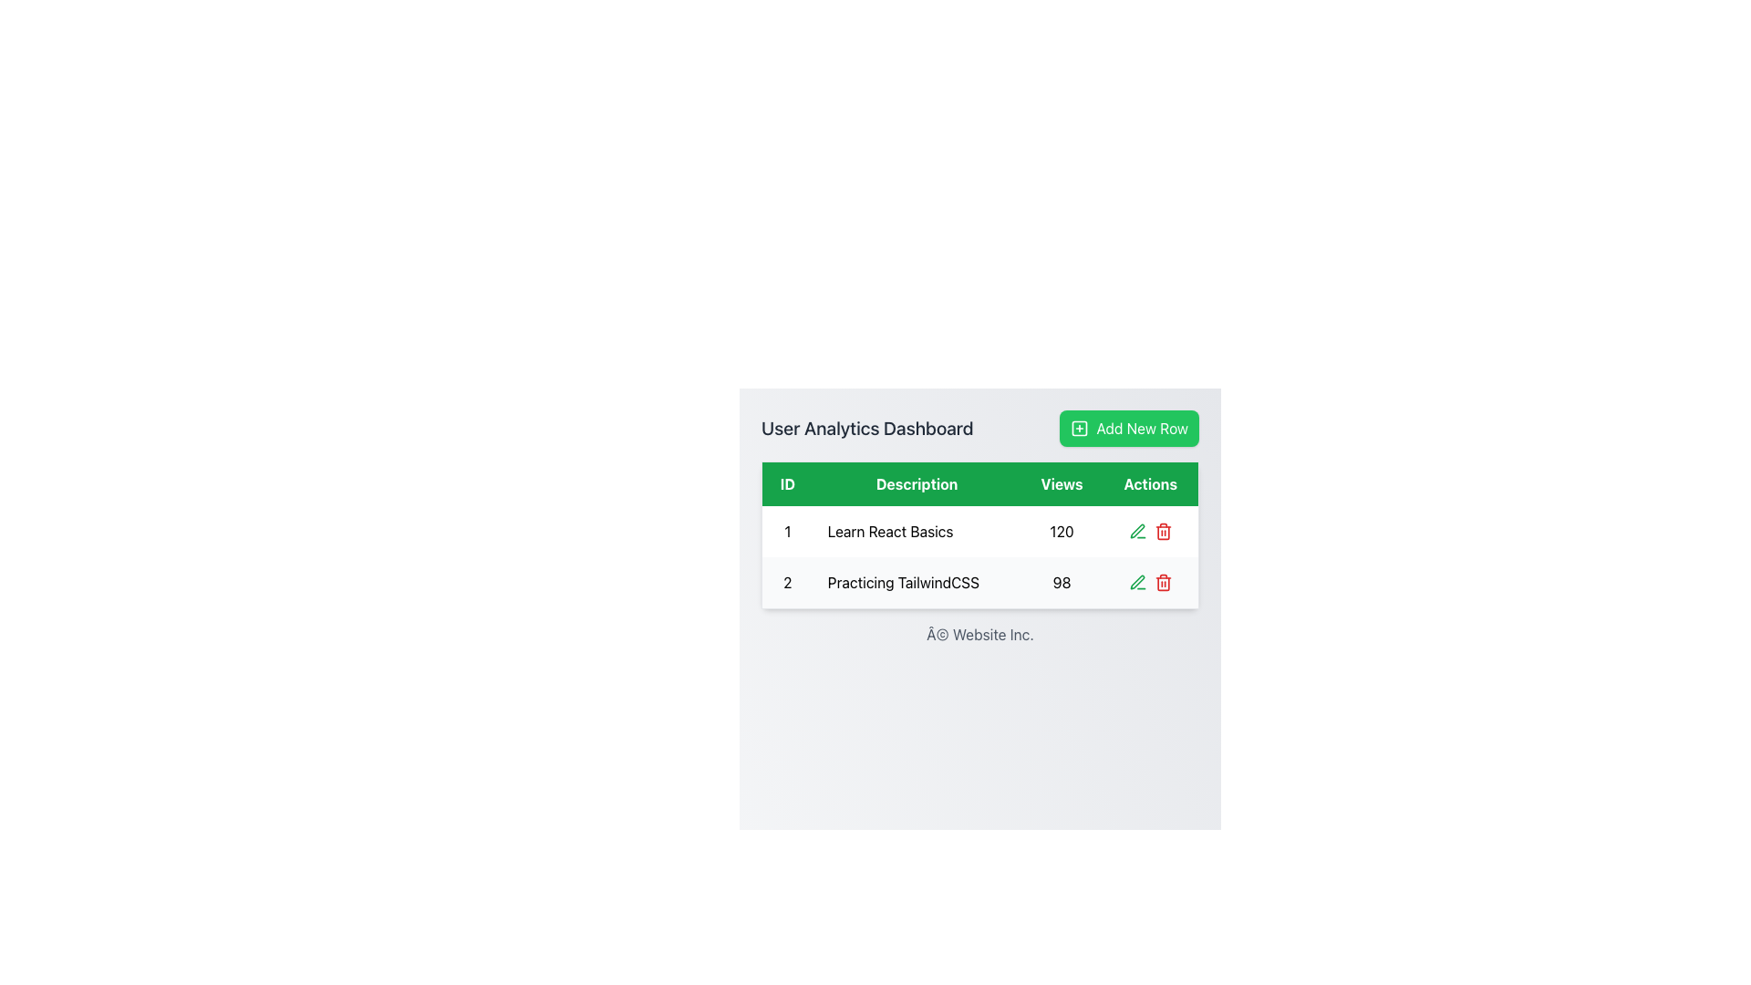  Describe the element at coordinates (1062, 583) in the screenshot. I see `the number displayed in the Numerical Text Display that indicates the view count for the 'Practicing TailwindCSS' entry in the 'Views' column` at that location.